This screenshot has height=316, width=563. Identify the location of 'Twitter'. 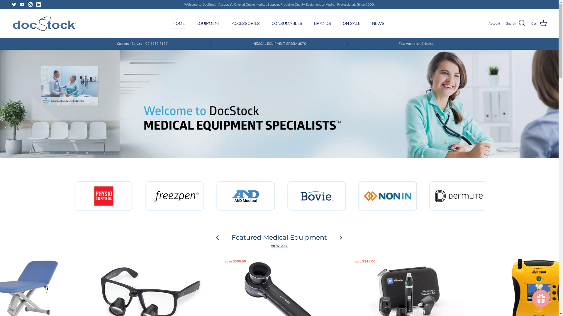
(14, 4).